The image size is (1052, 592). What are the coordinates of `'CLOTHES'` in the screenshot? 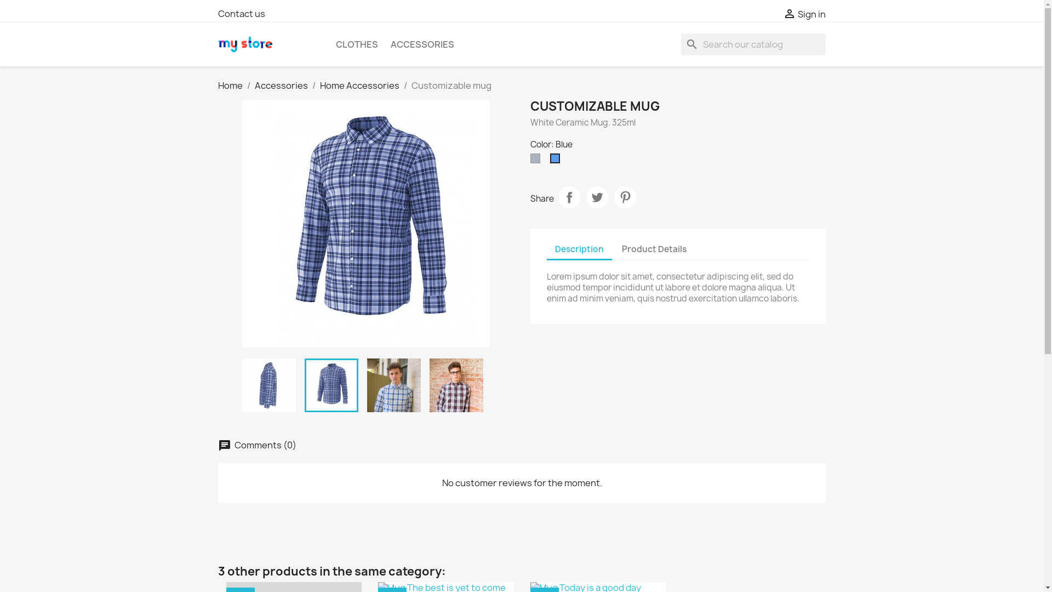 It's located at (356, 44).